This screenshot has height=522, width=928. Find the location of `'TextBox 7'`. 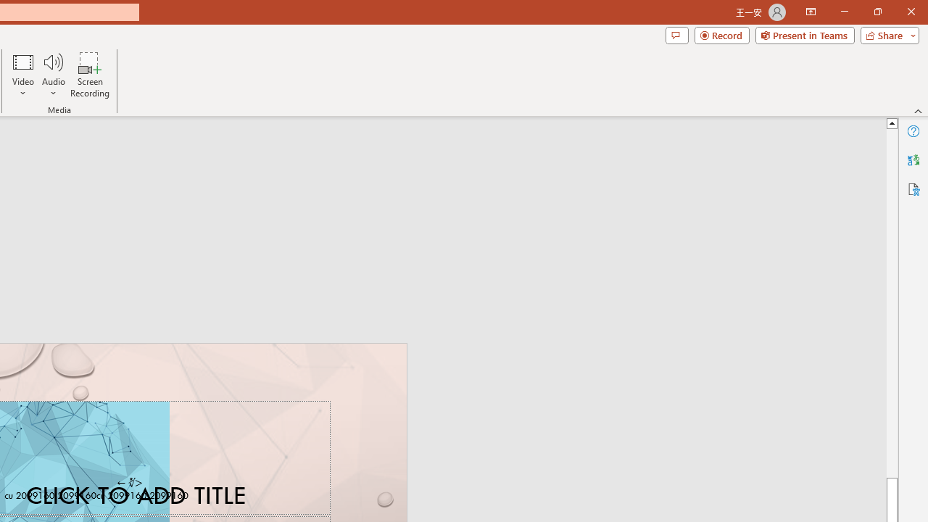

'TextBox 7' is located at coordinates (130, 483).